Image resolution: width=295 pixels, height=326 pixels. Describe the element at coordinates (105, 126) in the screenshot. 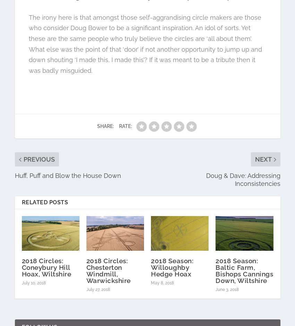

I see `'Share:'` at that location.